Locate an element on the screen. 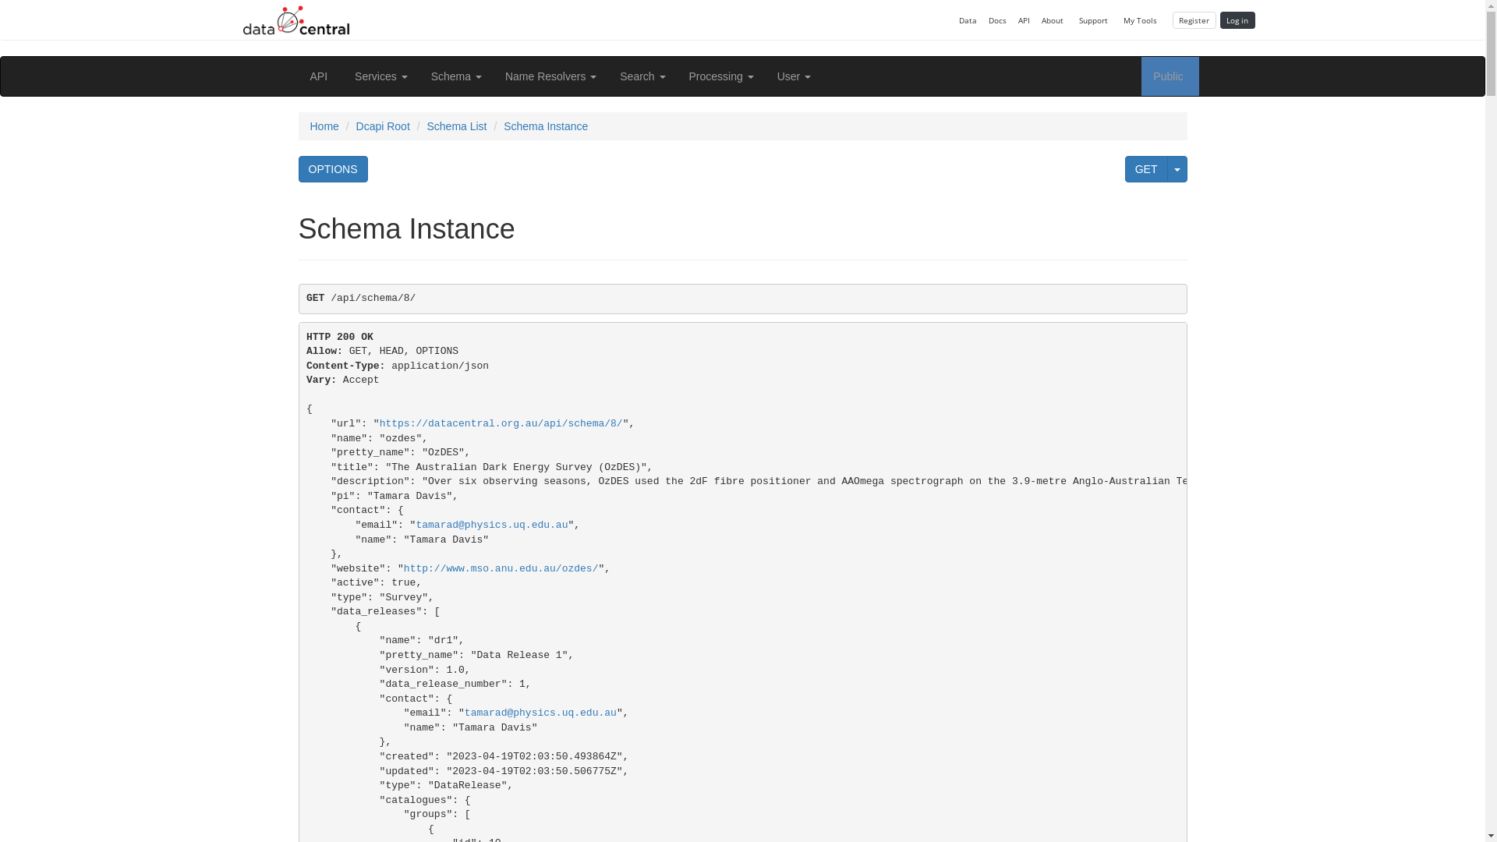 This screenshot has height=842, width=1497. 'Register' is located at coordinates (1193, 20).